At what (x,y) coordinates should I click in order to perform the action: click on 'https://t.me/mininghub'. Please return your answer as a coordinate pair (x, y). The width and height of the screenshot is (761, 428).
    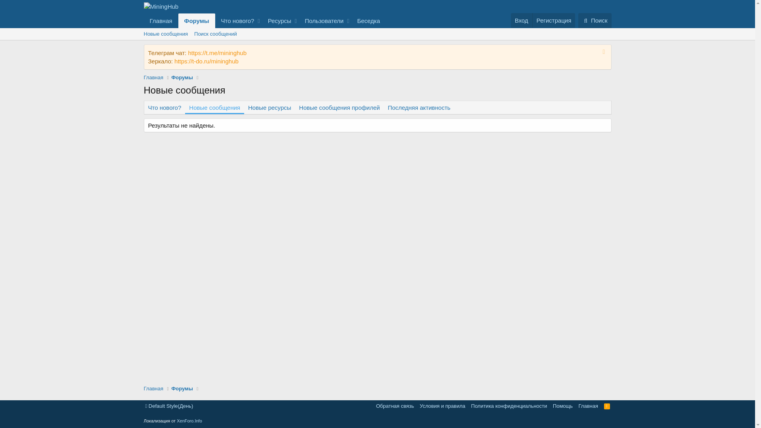
    Looking at the image, I should click on (217, 53).